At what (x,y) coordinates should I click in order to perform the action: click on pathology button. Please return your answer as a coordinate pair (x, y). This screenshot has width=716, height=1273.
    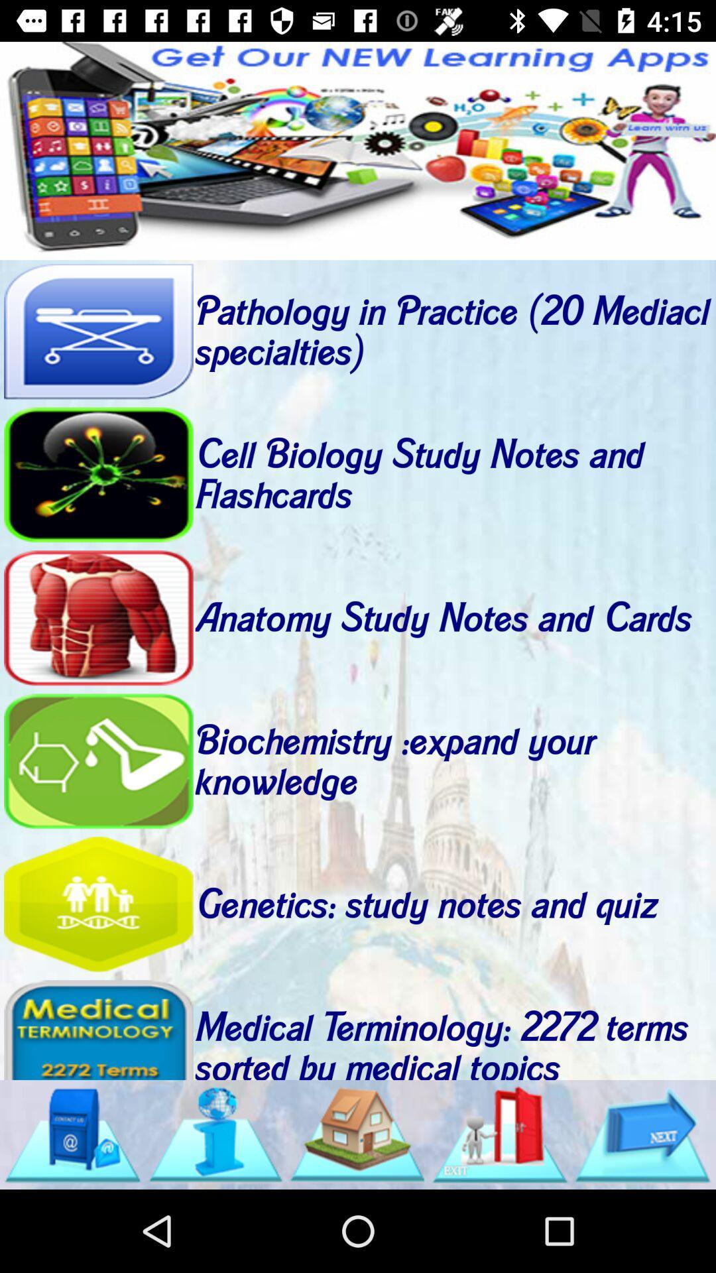
    Looking at the image, I should click on (97, 332).